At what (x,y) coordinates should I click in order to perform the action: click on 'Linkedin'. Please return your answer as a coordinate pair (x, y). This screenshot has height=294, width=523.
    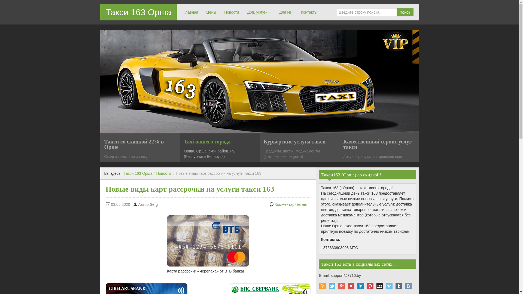
    Looking at the image, I should click on (361, 285).